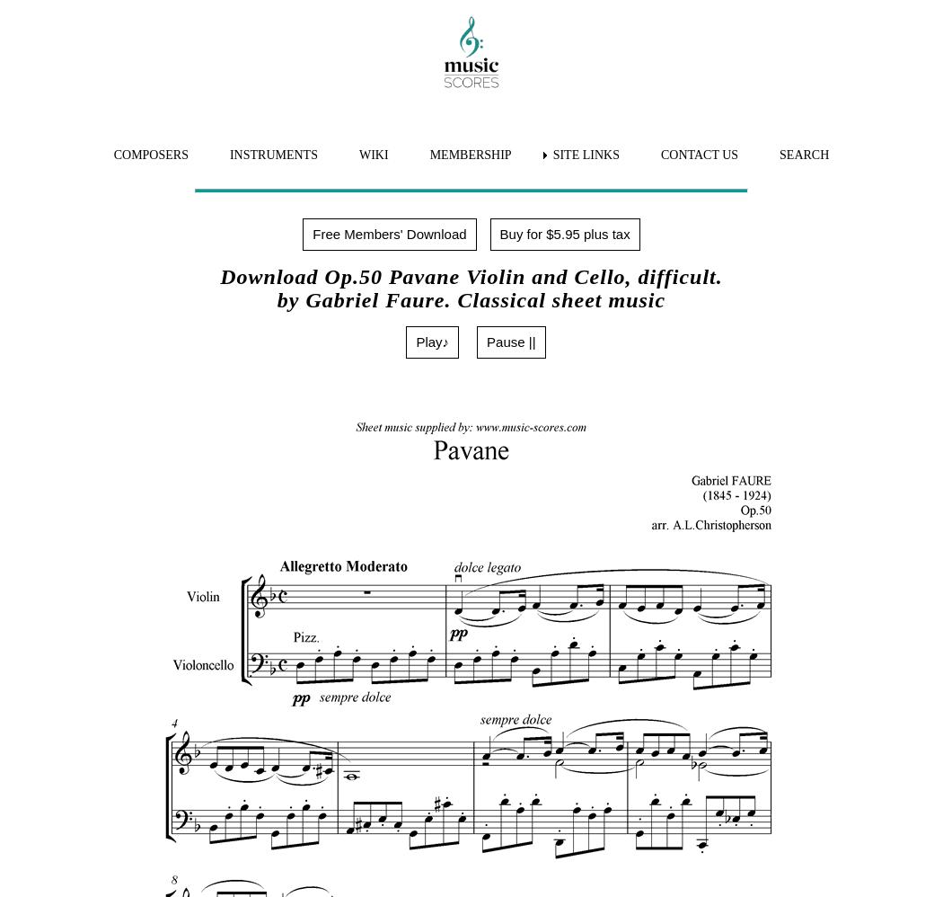 Image resolution: width=943 pixels, height=897 pixels. What do you see at coordinates (699, 153) in the screenshot?
I see `'CONTACT US'` at bounding box center [699, 153].